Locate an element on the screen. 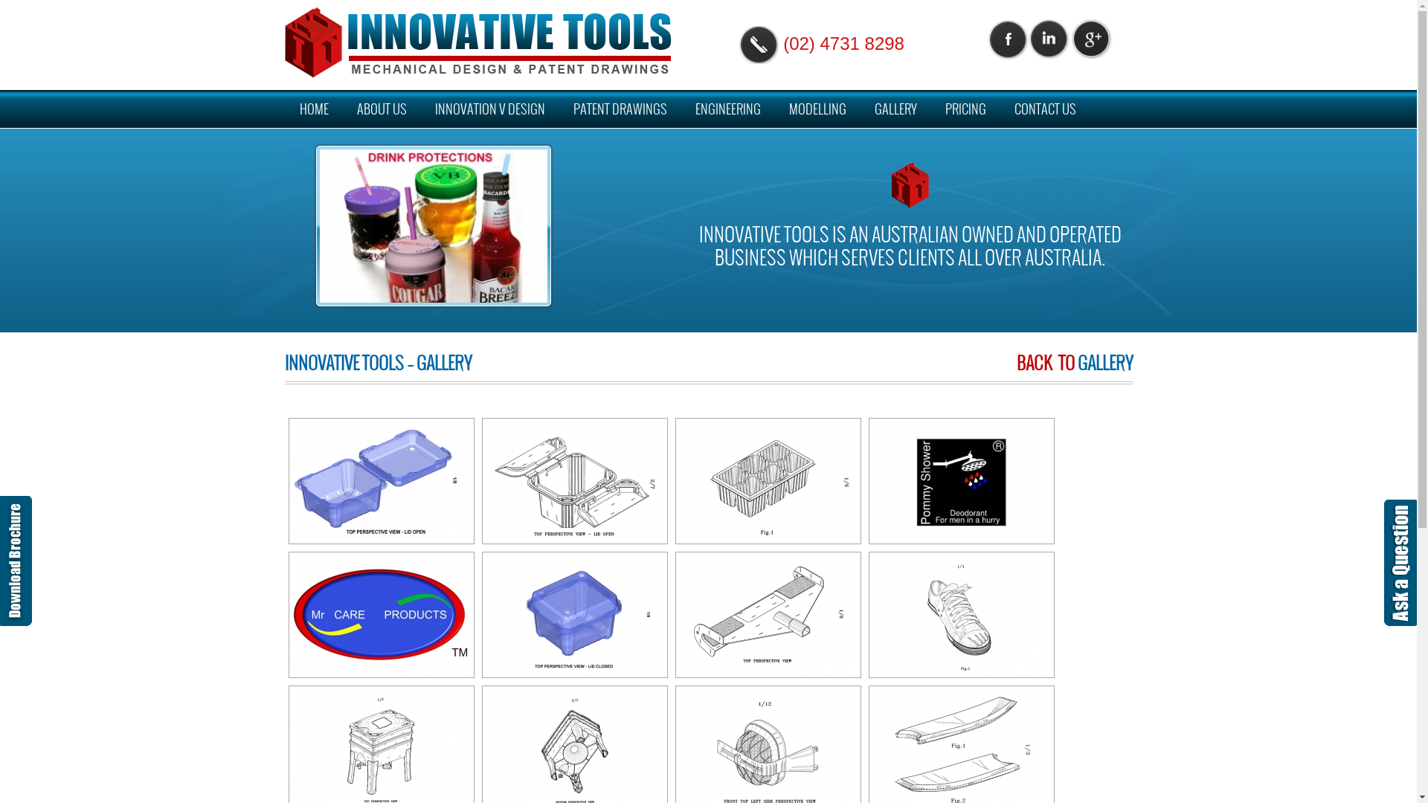 The image size is (1428, 803). 'GALLERY' is located at coordinates (895, 108).